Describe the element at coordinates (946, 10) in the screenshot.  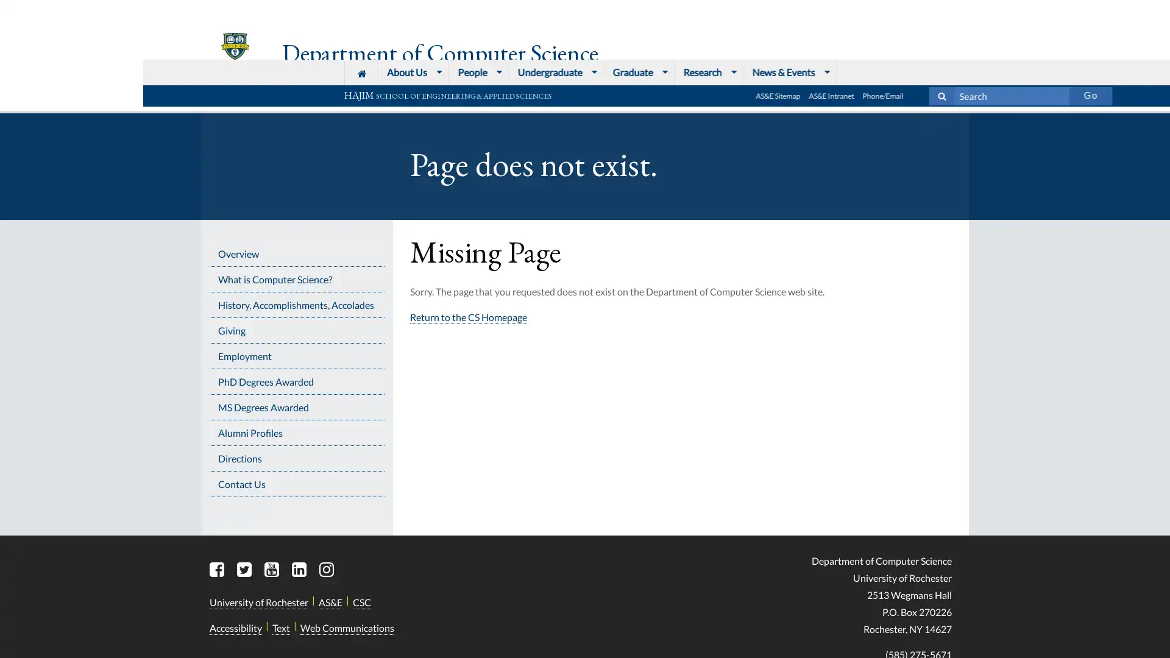
I see `Go` at that location.